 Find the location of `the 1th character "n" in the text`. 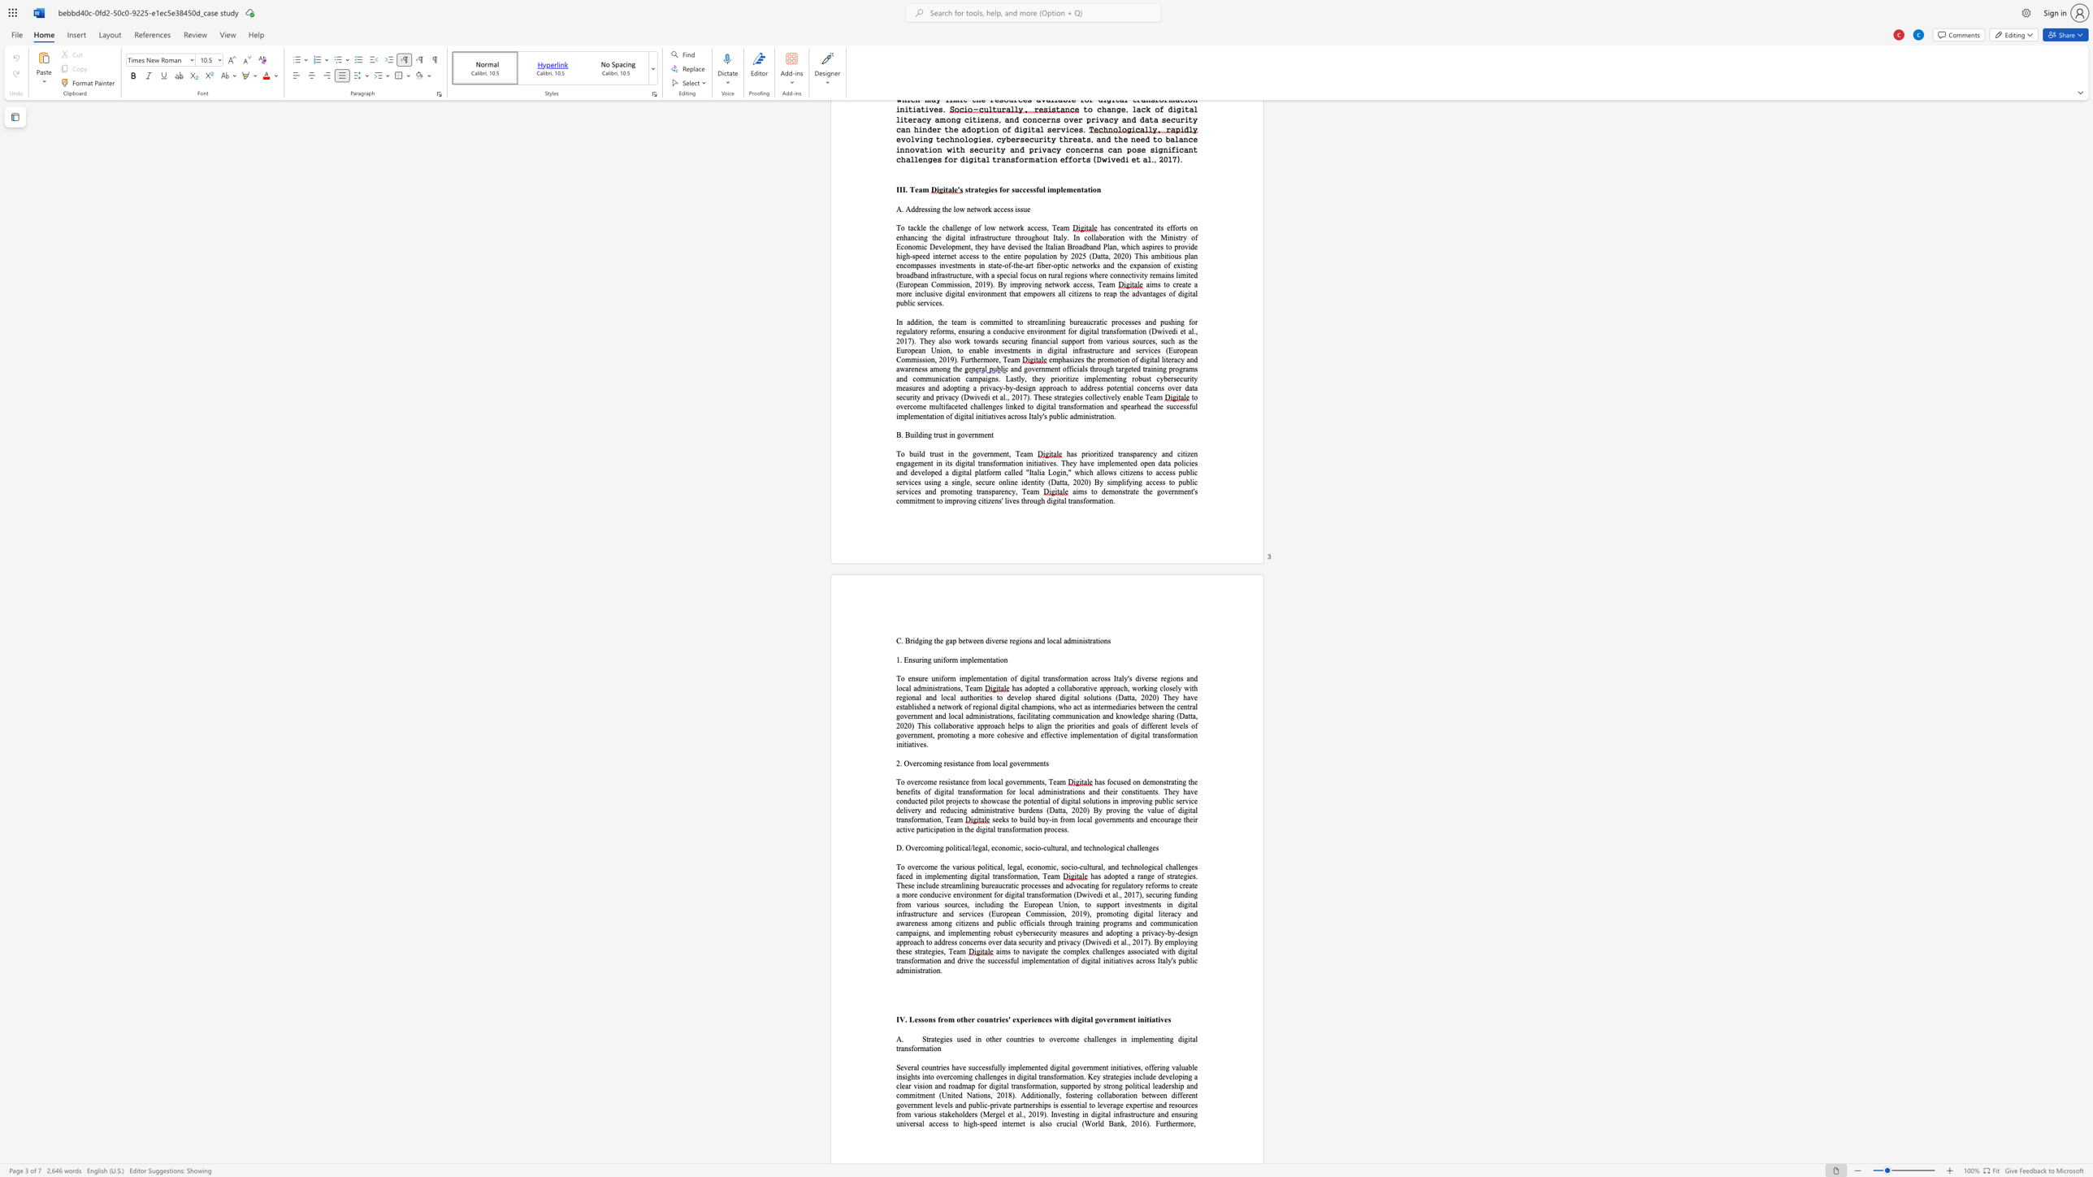

the 1th character "n" in the text is located at coordinates (936, 764).